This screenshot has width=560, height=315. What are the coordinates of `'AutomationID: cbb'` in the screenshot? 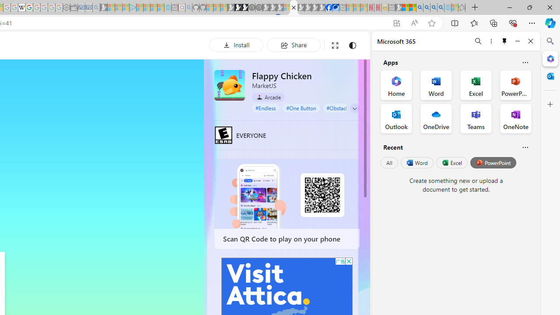 It's located at (348, 261).